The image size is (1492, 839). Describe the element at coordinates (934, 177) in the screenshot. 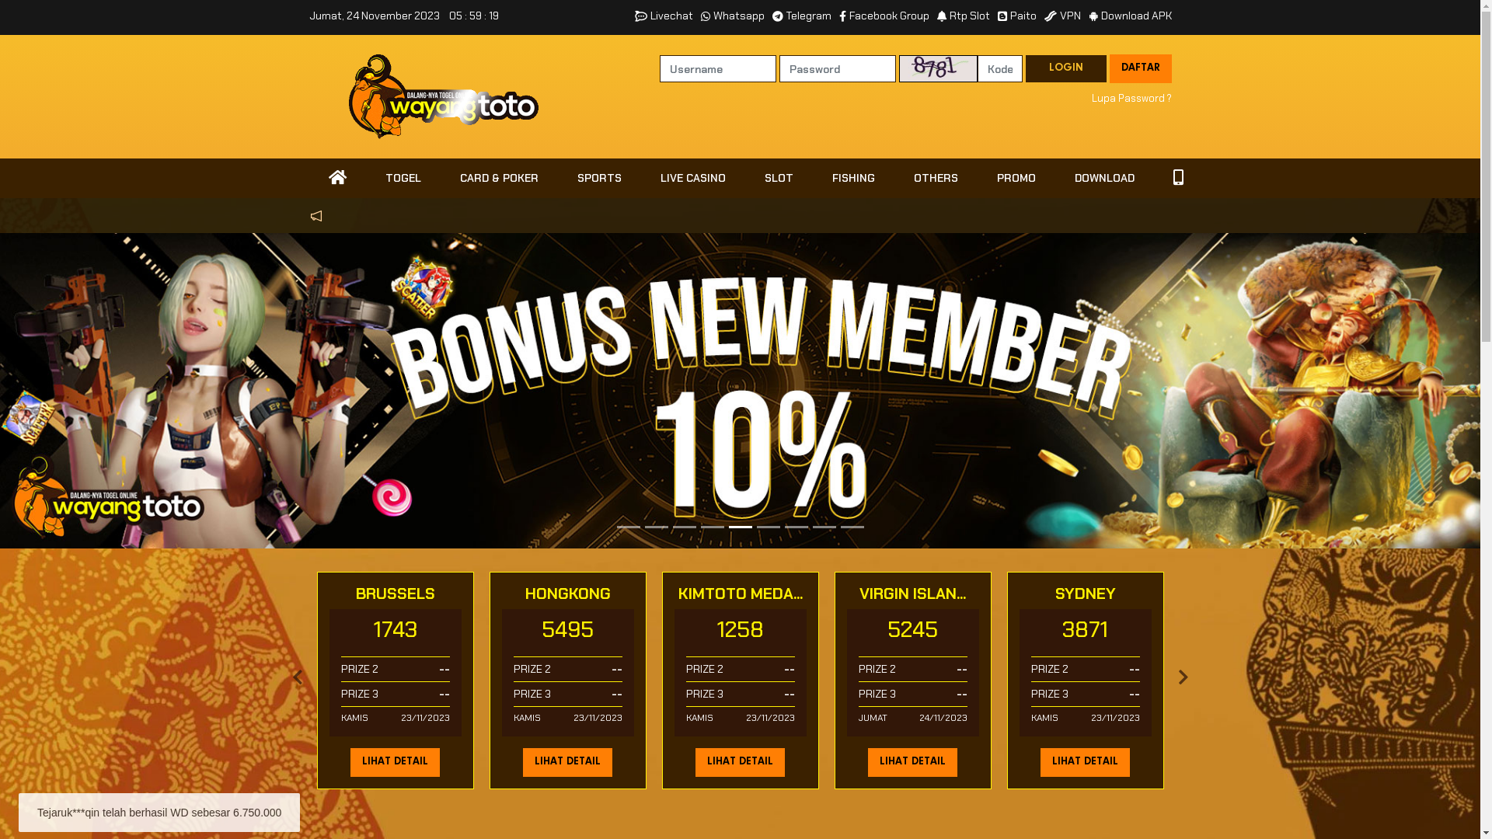

I see `'OTHERS'` at that location.